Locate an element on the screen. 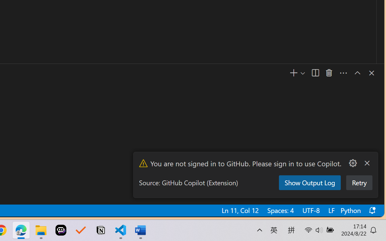 Image resolution: width=386 pixels, height=241 pixels. 'Notifications' is located at coordinates (371, 210).